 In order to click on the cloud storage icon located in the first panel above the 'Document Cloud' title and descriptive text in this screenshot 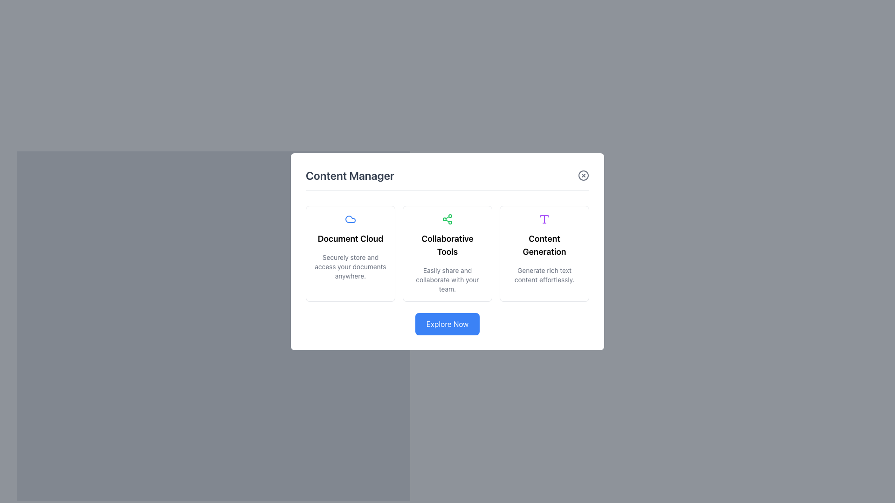, I will do `click(350, 219)`.